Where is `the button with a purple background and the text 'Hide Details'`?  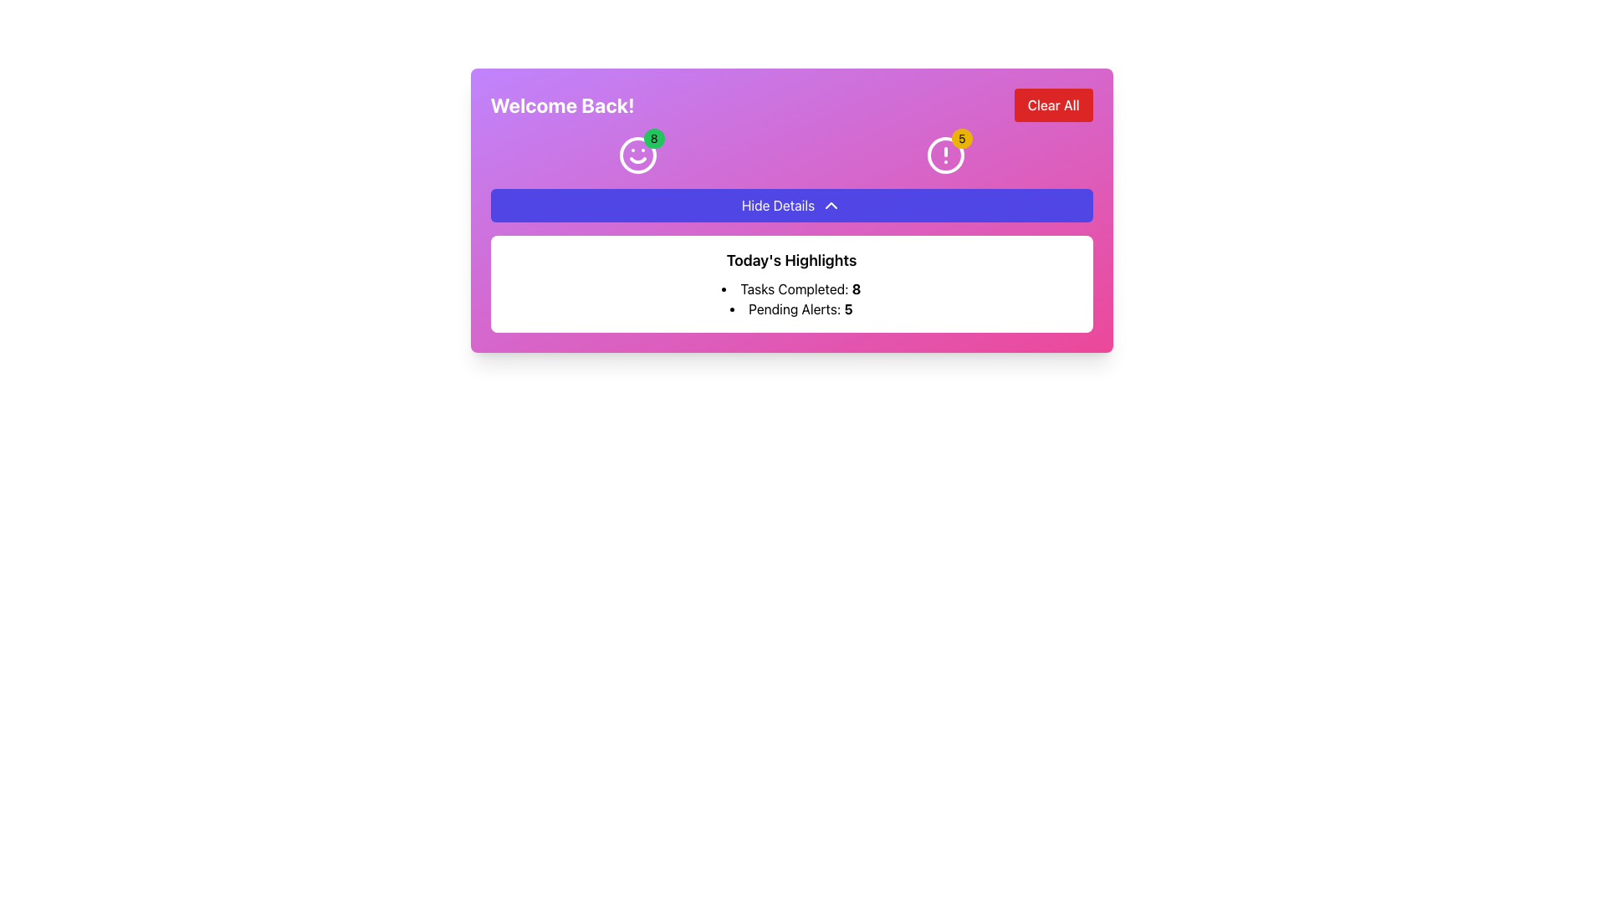
the button with a purple background and the text 'Hide Details' is located at coordinates (790, 205).